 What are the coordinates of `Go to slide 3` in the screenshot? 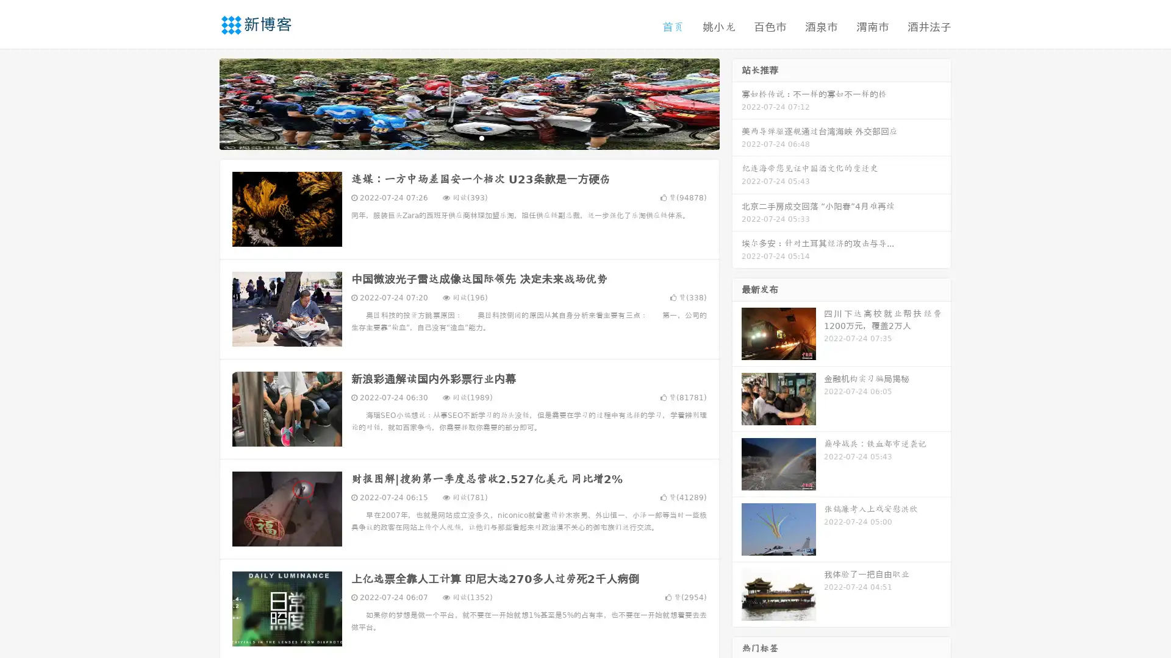 It's located at (481, 137).